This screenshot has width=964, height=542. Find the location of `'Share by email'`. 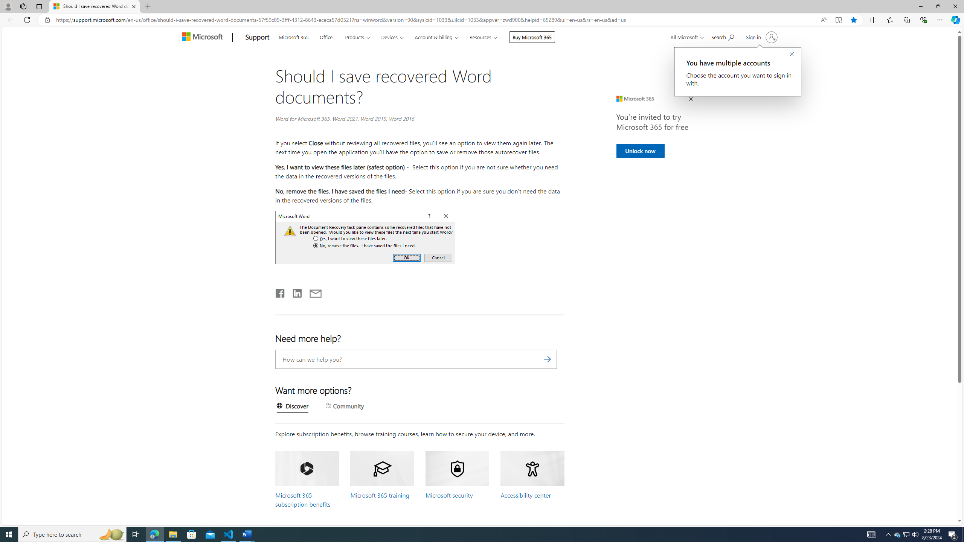

'Share by email' is located at coordinates (312, 292).